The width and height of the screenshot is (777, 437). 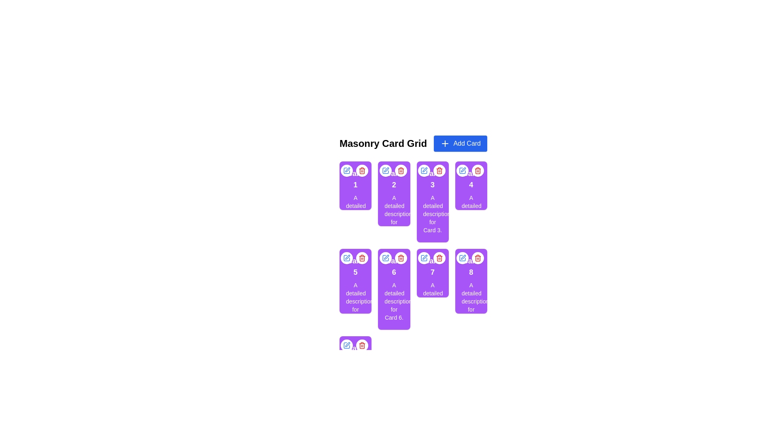 I want to click on the trash can icon in the top-right corner of the card, so click(x=478, y=258).